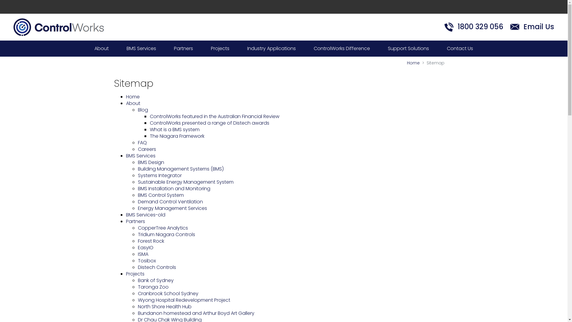 Image resolution: width=572 pixels, height=322 pixels. What do you see at coordinates (135, 221) in the screenshot?
I see `'Partners'` at bounding box center [135, 221].